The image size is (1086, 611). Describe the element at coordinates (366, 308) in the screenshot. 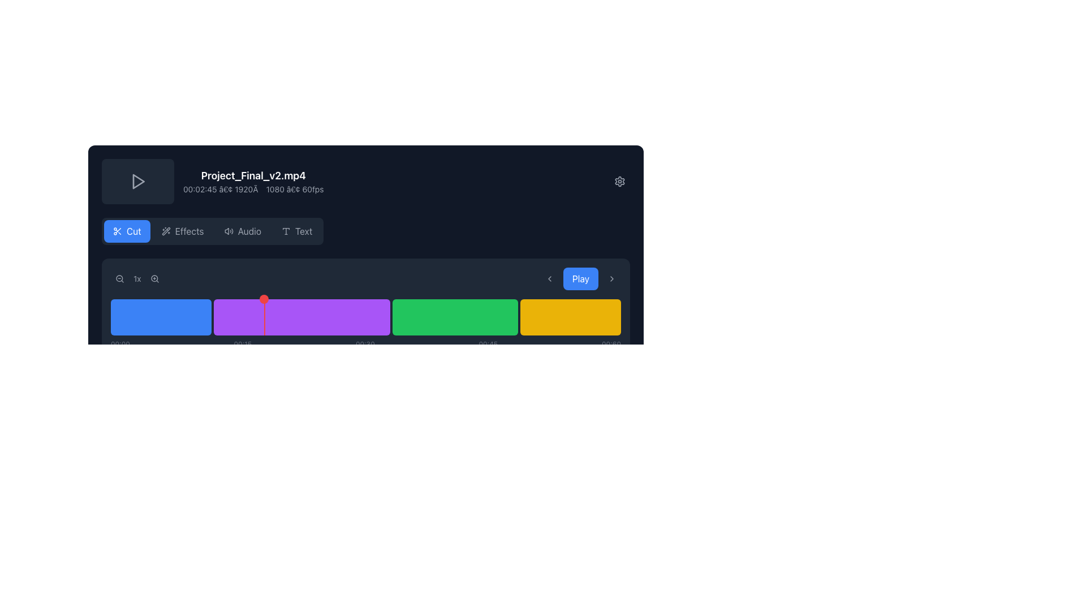

I see `the timeline progress bar with a dark gray background and colored segments` at that location.